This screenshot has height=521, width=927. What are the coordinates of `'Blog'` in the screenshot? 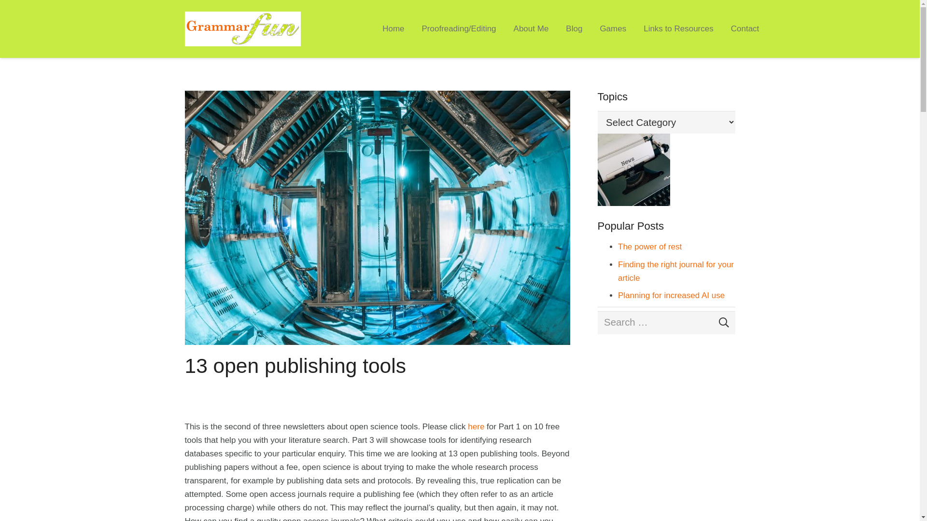 It's located at (574, 28).